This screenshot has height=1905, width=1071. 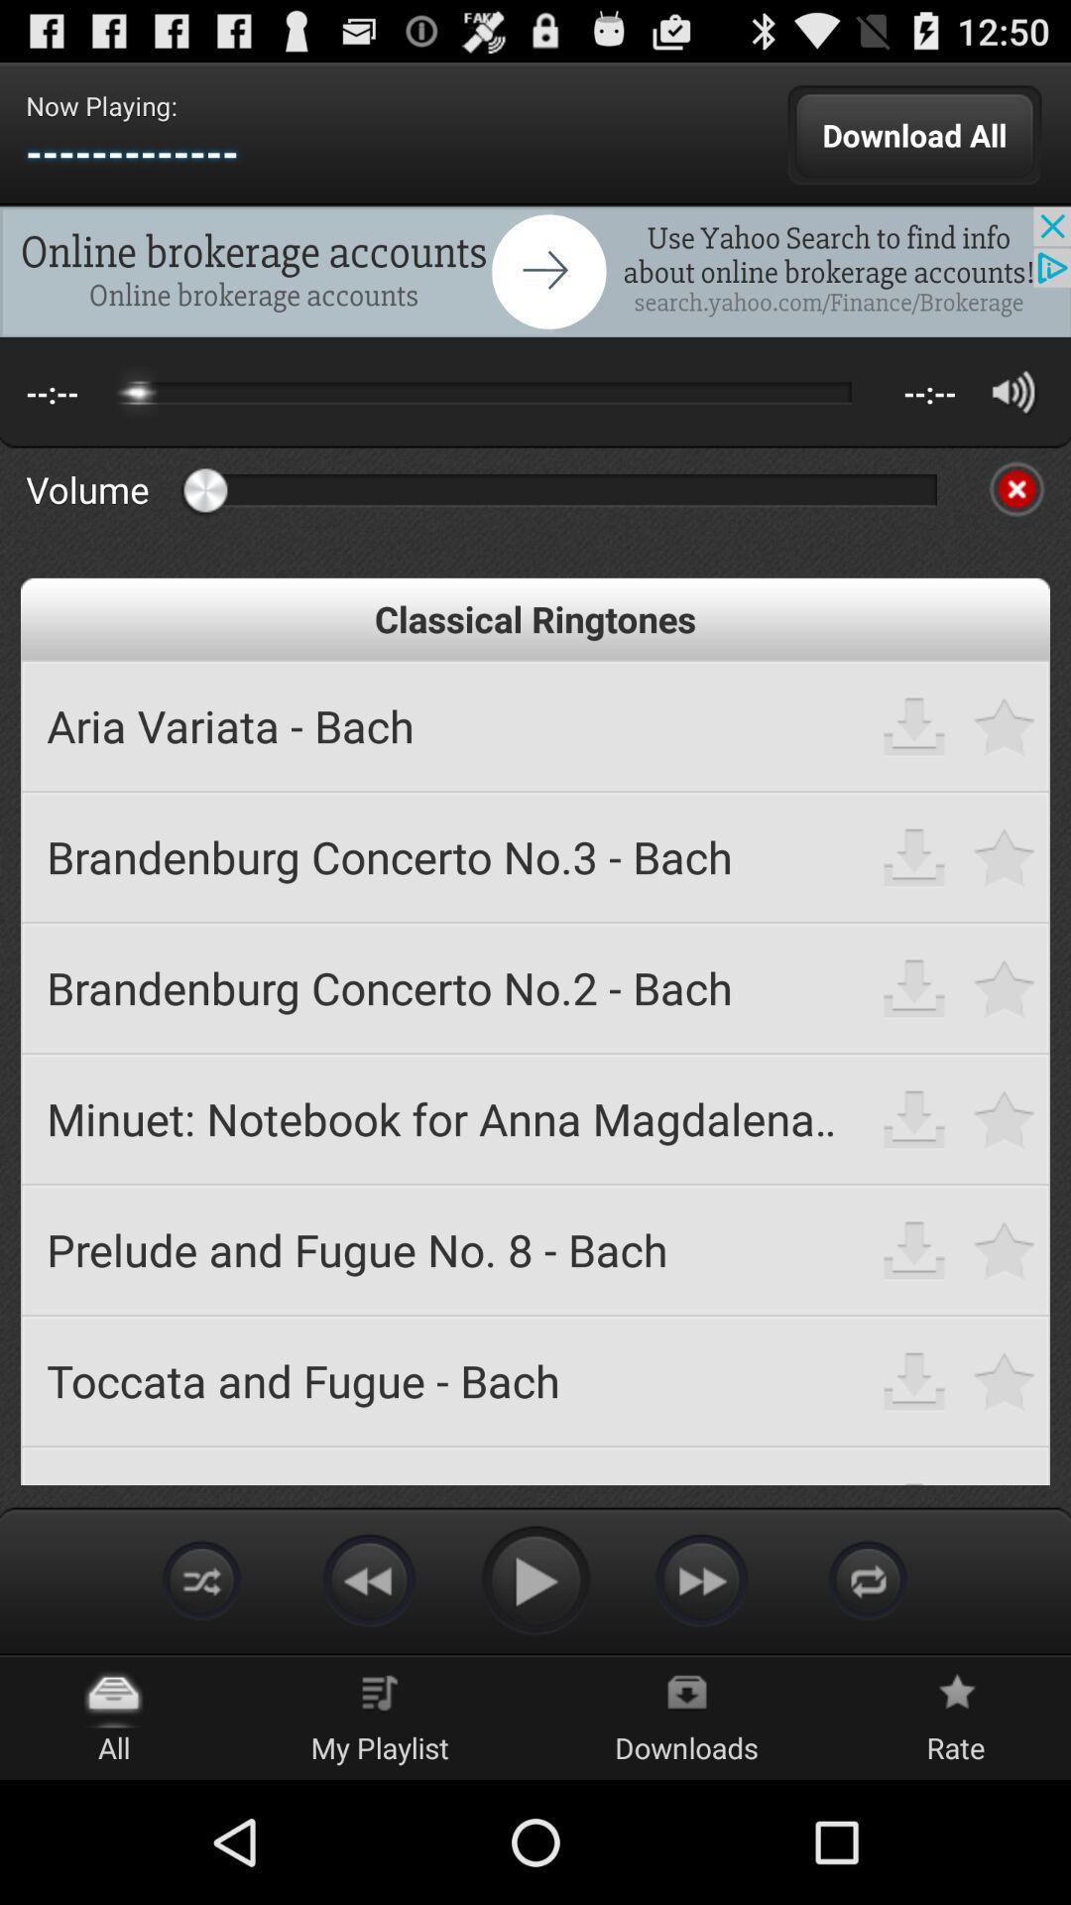 What do you see at coordinates (867, 1579) in the screenshot?
I see `the icon at the bottom of the page right to forward icon` at bounding box center [867, 1579].